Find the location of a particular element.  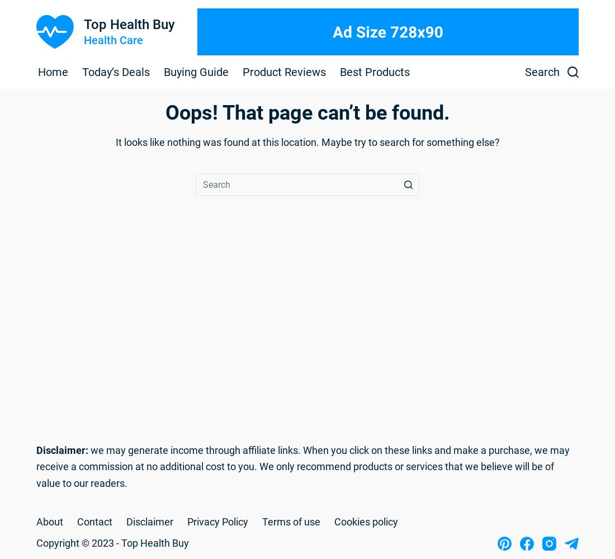

'It looks like nothing was found at this location. Maybe try to search for something else?' is located at coordinates (115, 142).